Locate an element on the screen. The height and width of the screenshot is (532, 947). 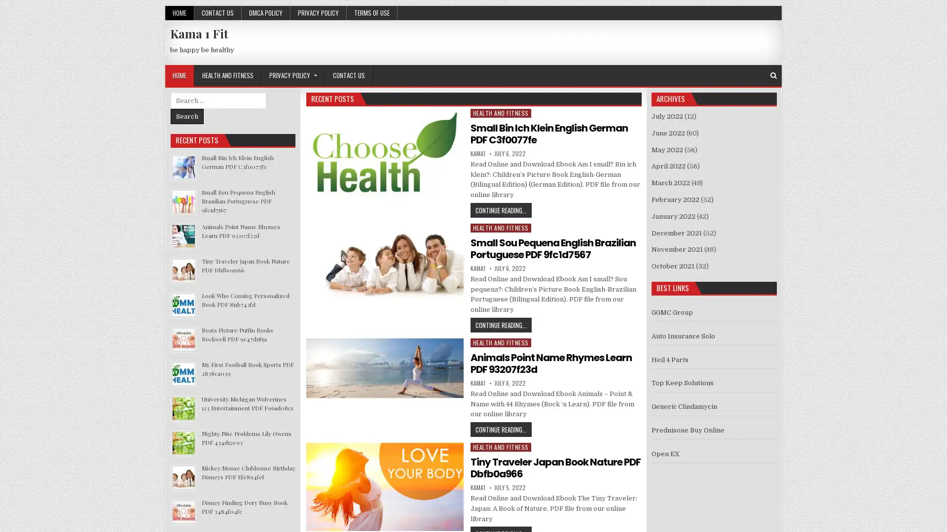
Search is located at coordinates (186, 116).